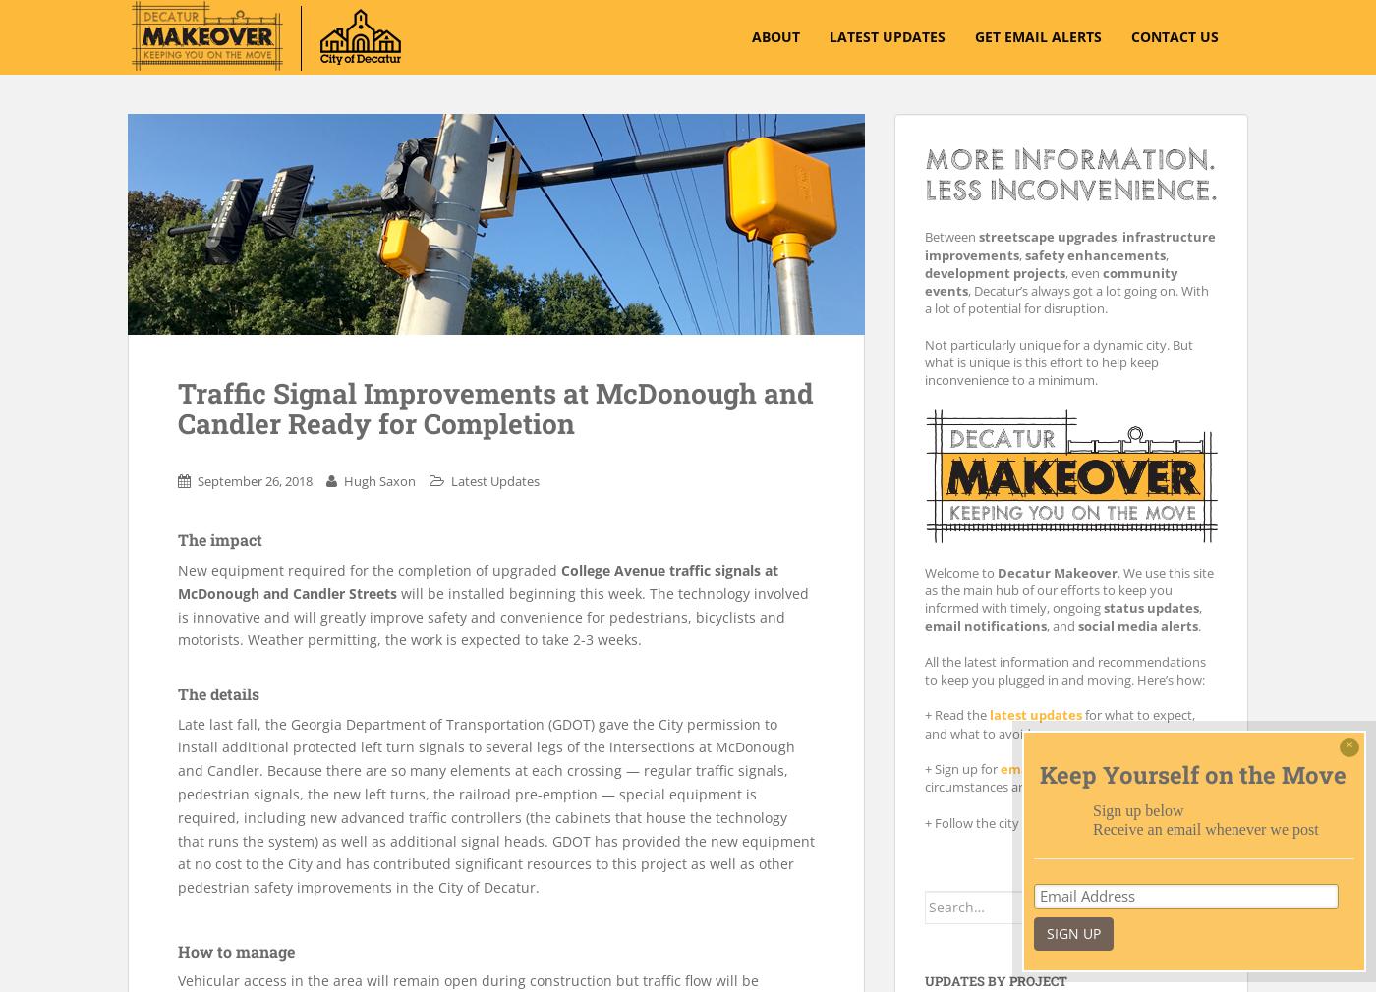 Image resolution: width=1376 pixels, height=992 pixels. I want to click on 'will be installed beginning this week. The technology involved is innovative and will greatly improve safety and convenience for pedestrians, bicyclists and motorists. Weather permitting, the work is expected to take 2-3 weeks.', so click(493, 615).